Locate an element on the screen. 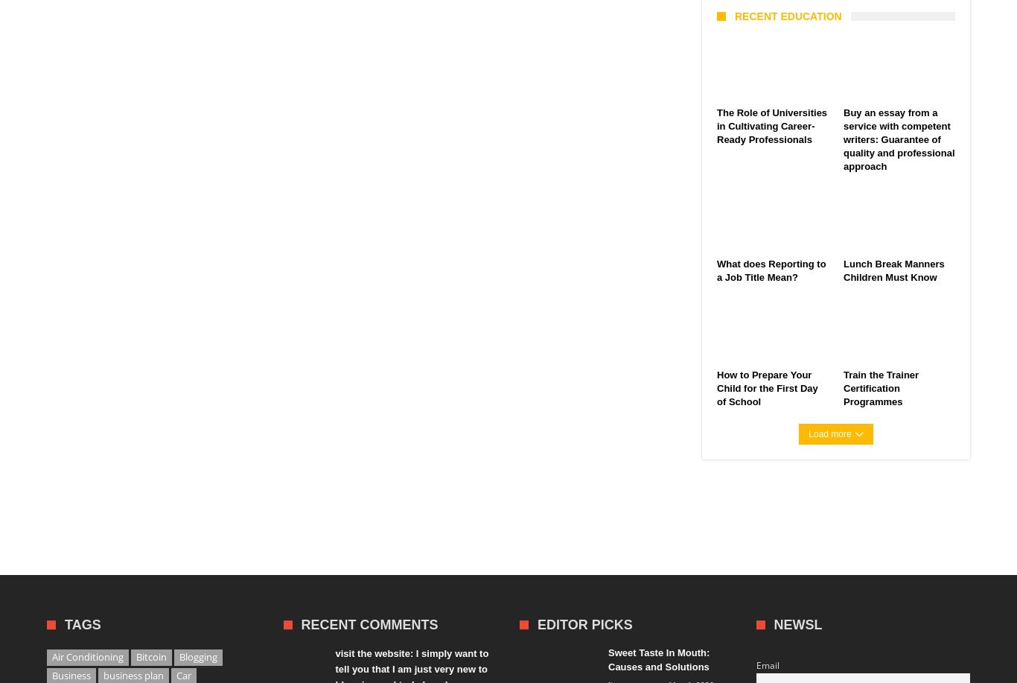 The width and height of the screenshot is (1017, 683). 'Load more' is located at coordinates (829, 434).